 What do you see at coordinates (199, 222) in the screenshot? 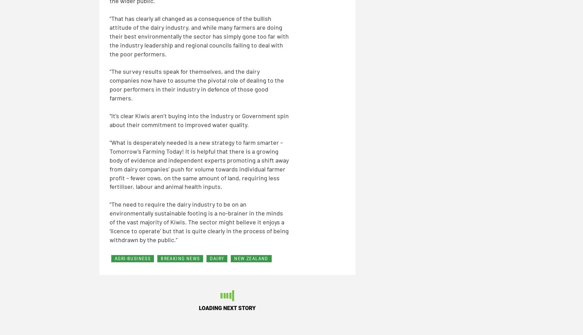
I see `'“The need to require the dairy industry to be on an environmentally sustainable footing is a no-brainer in the minds of the vast majority of Kiwis. The sector might believe it enjoys a ‘licence to operate’ but that is quite clearly in the process of being withdrawn by the public.”'` at bounding box center [199, 222].